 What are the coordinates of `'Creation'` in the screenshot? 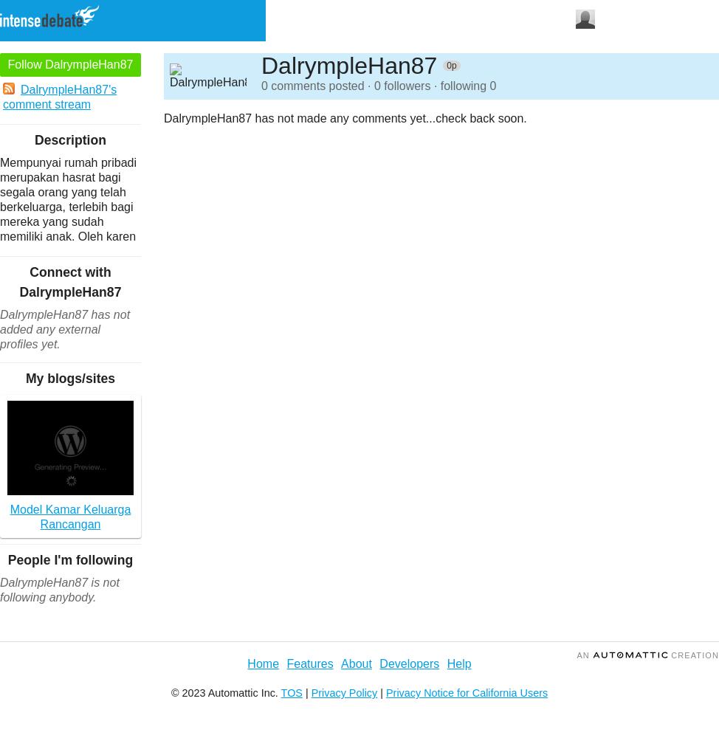 It's located at (692, 655).